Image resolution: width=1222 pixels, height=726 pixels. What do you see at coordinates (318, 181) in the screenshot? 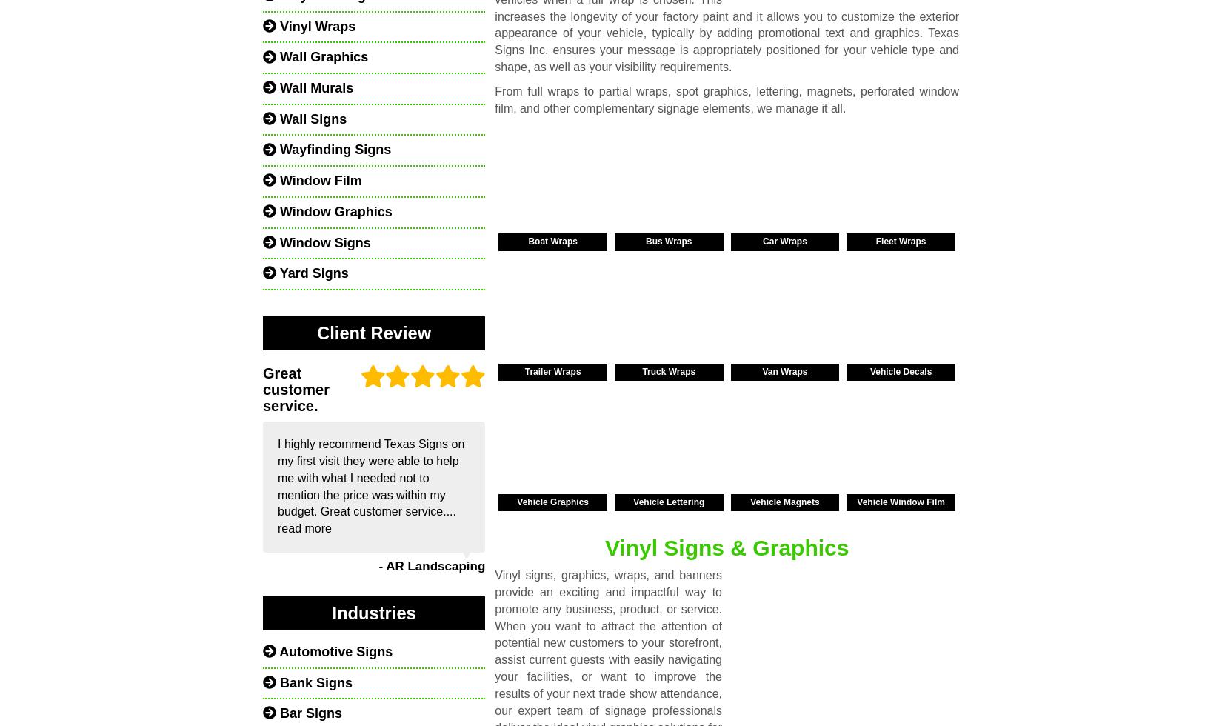
I see `'Window Film'` at bounding box center [318, 181].